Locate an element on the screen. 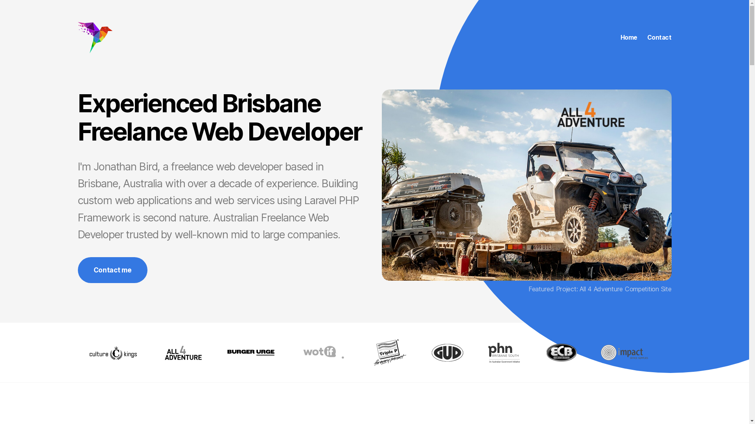 This screenshot has width=755, height=424. 'Contact me' is located at coordinates (112, 269).